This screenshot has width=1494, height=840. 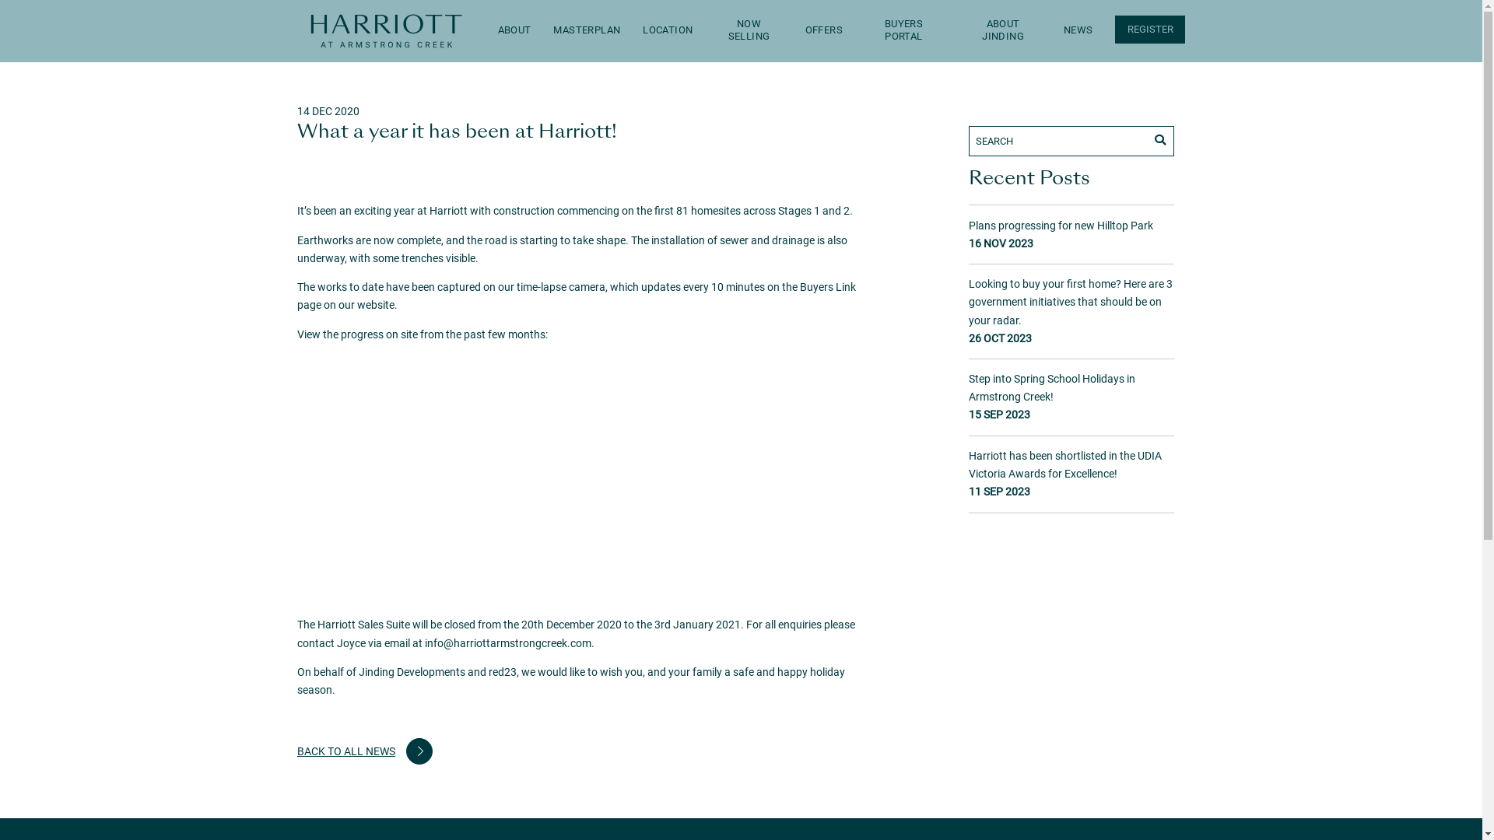 I want to click on 'Step into Spring School Holidays in Armstrong Creek!', so click(x=1052, y=387).